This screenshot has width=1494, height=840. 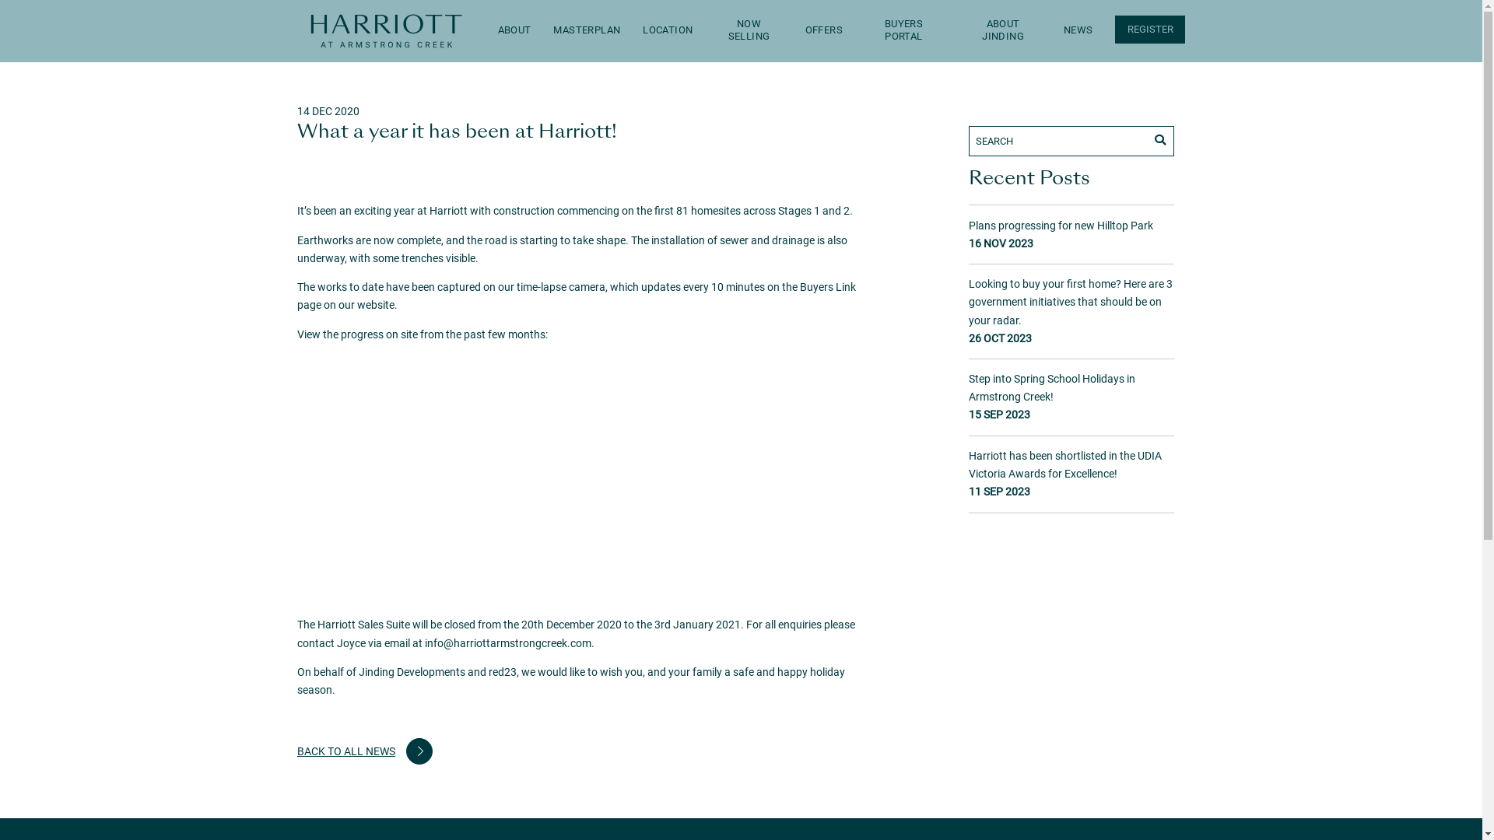 I want to click on 'Step into Spring School Holidays in Armstrong Creek!', so click(x=1052, y=387).